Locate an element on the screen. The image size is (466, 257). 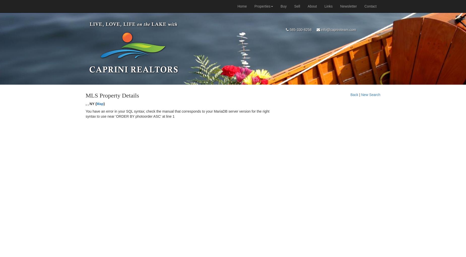
'Newsletter' is located at coordinates (348, 6).